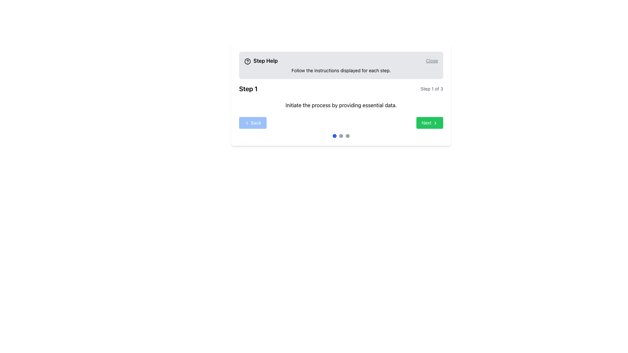 Image resolution: width=628 pixels, height=353 pixels. What do you see at coordinates (261, 60) in the screenshot?
I see `the 'Step Help' label with the question mark icon` at bounding box center [261, 60].